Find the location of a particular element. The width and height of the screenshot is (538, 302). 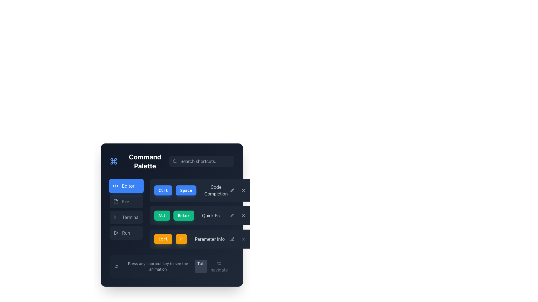

the interactive button that is the third option in a vertical list, which likely navigates to a terminal view is located at coordinates (126, 217).